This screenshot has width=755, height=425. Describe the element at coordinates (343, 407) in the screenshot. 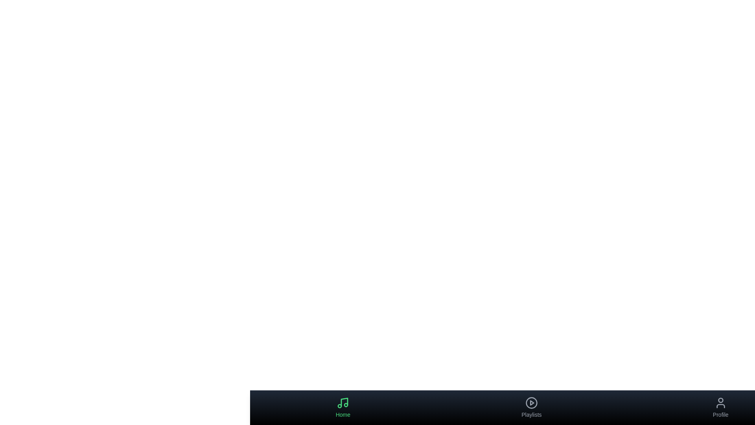

I see `the tab labeled Home to observe the hover effect` at that location.